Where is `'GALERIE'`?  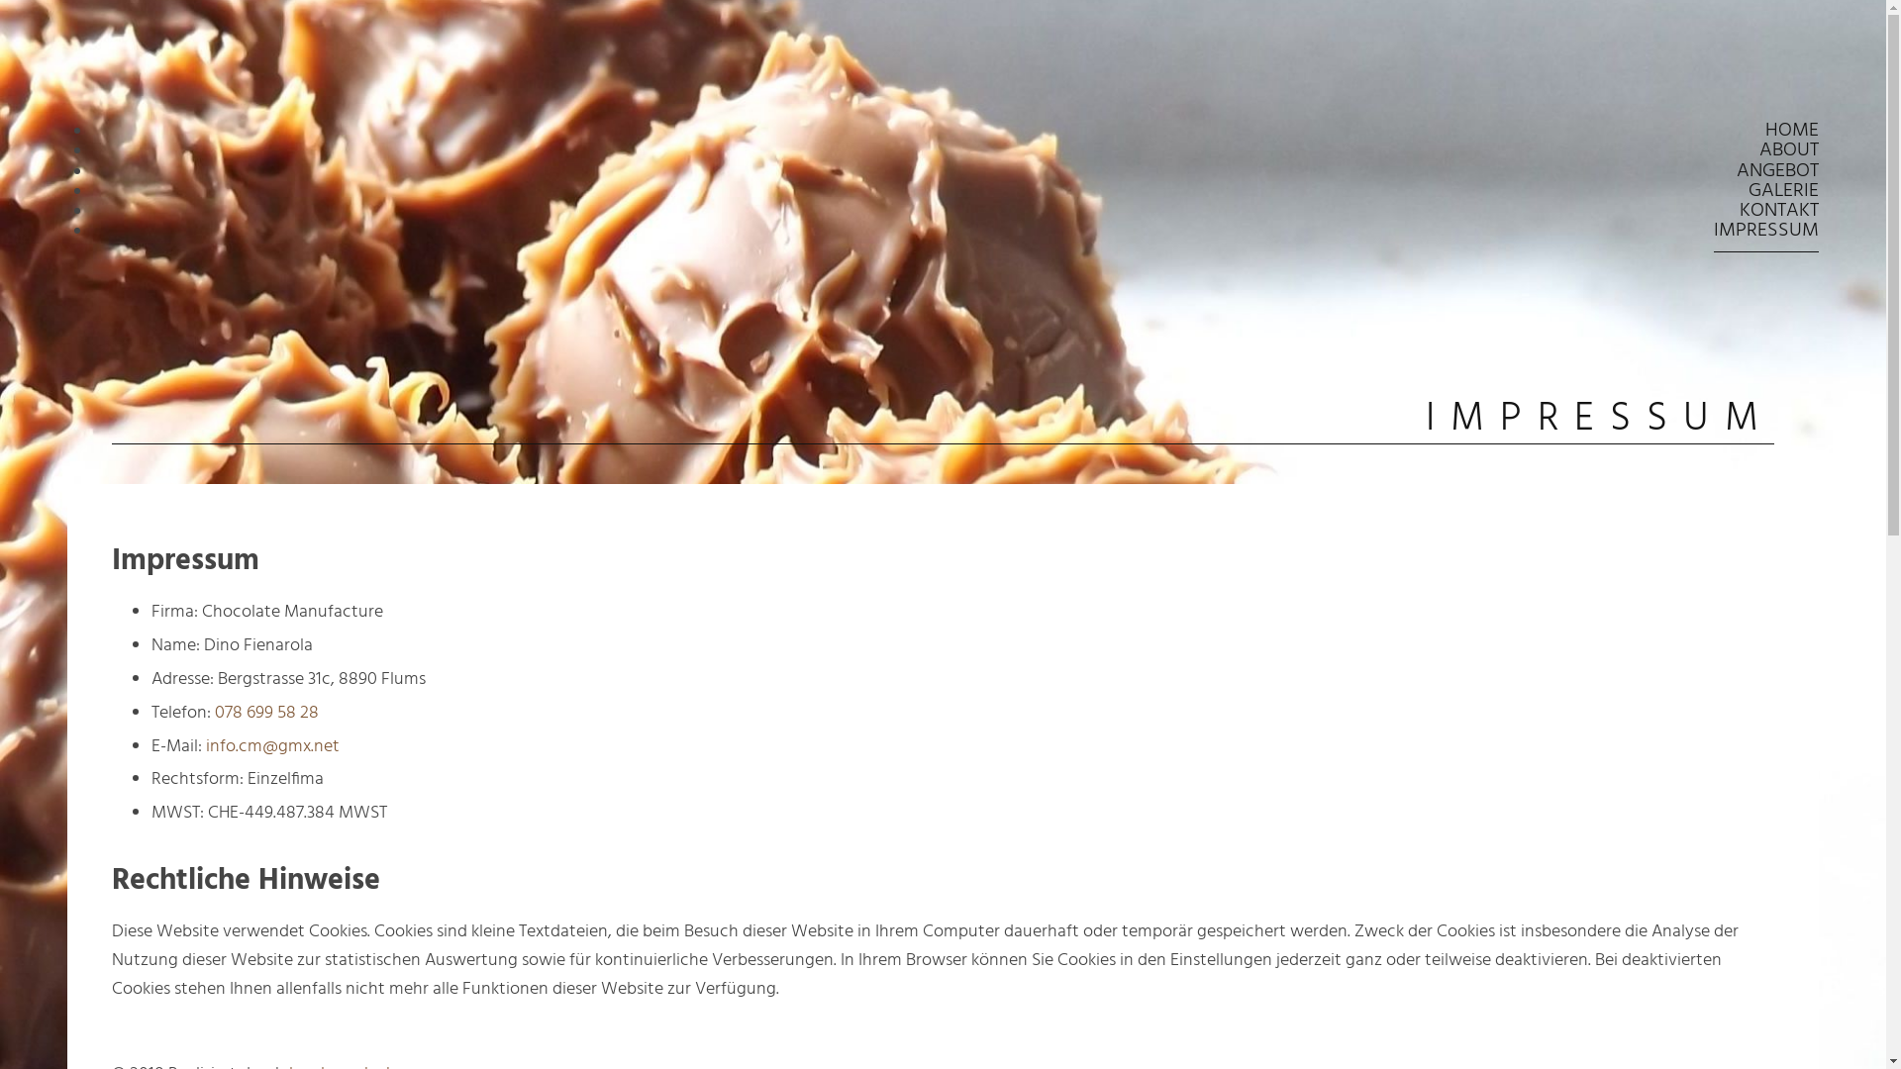
'GALERIE' is located at coordinates (1783, 191).